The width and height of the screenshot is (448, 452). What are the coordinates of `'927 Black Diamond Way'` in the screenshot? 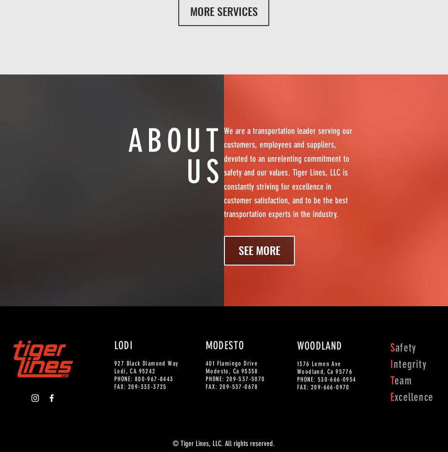 It's located at (146, 363).